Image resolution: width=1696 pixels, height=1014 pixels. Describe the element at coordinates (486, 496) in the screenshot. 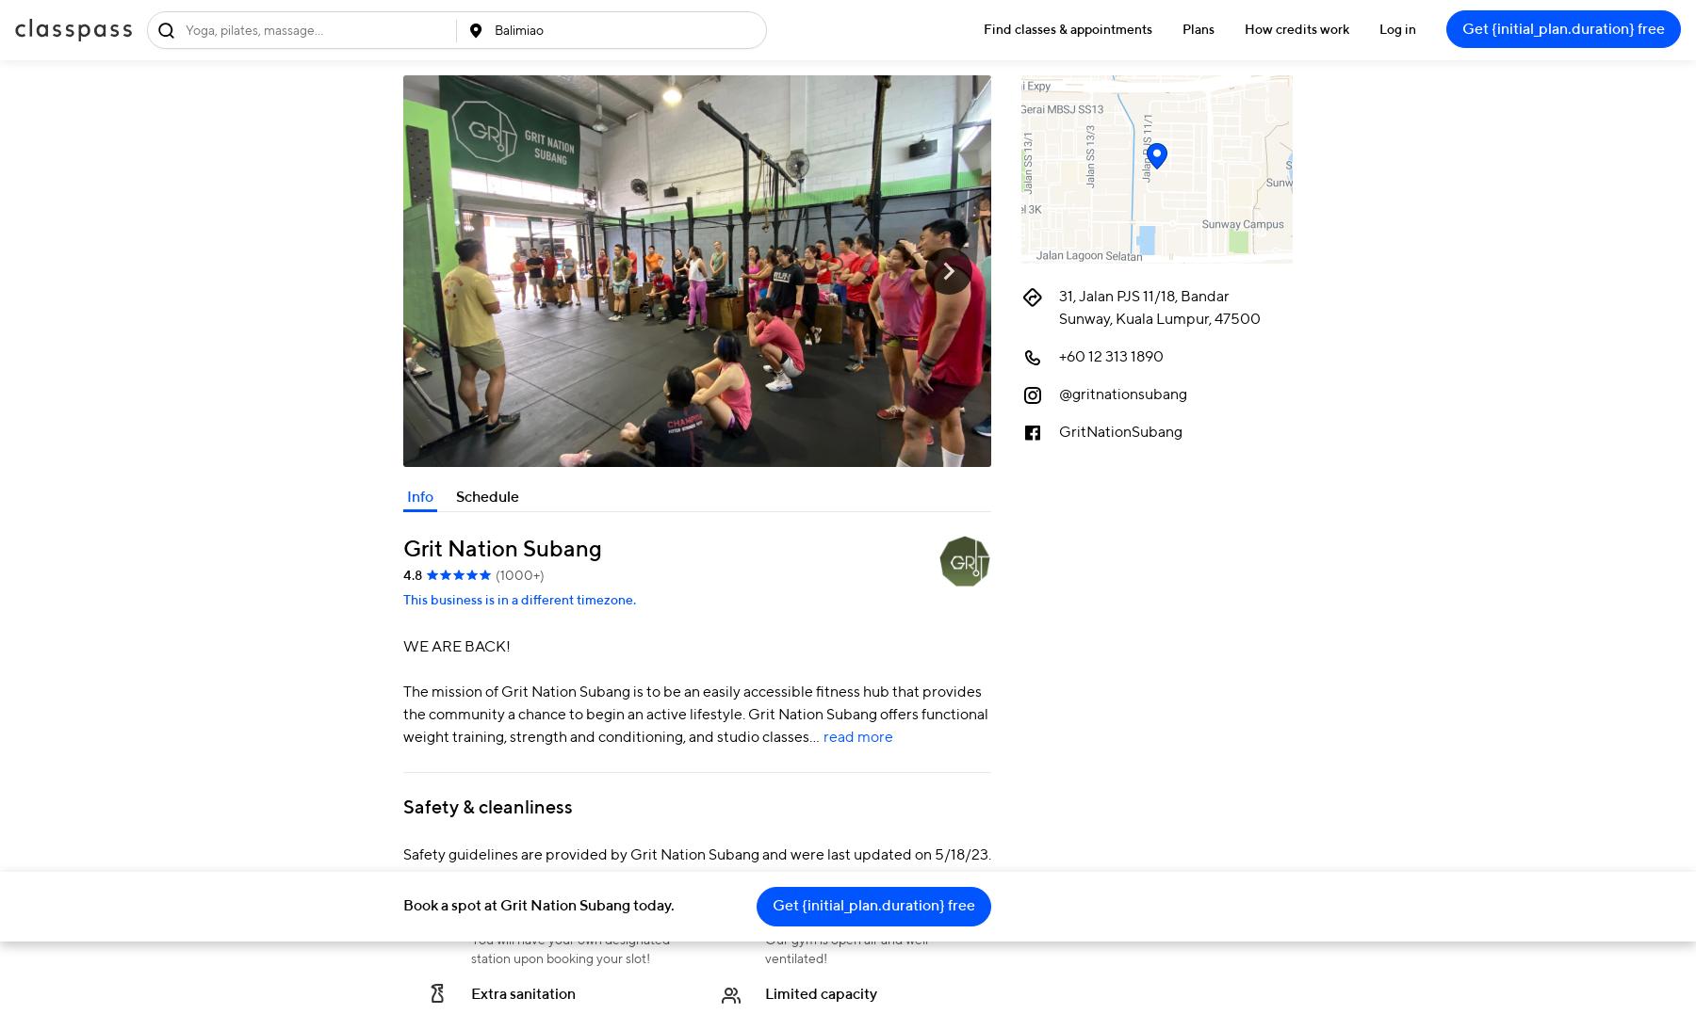

I see `'Schedule'` at that location.